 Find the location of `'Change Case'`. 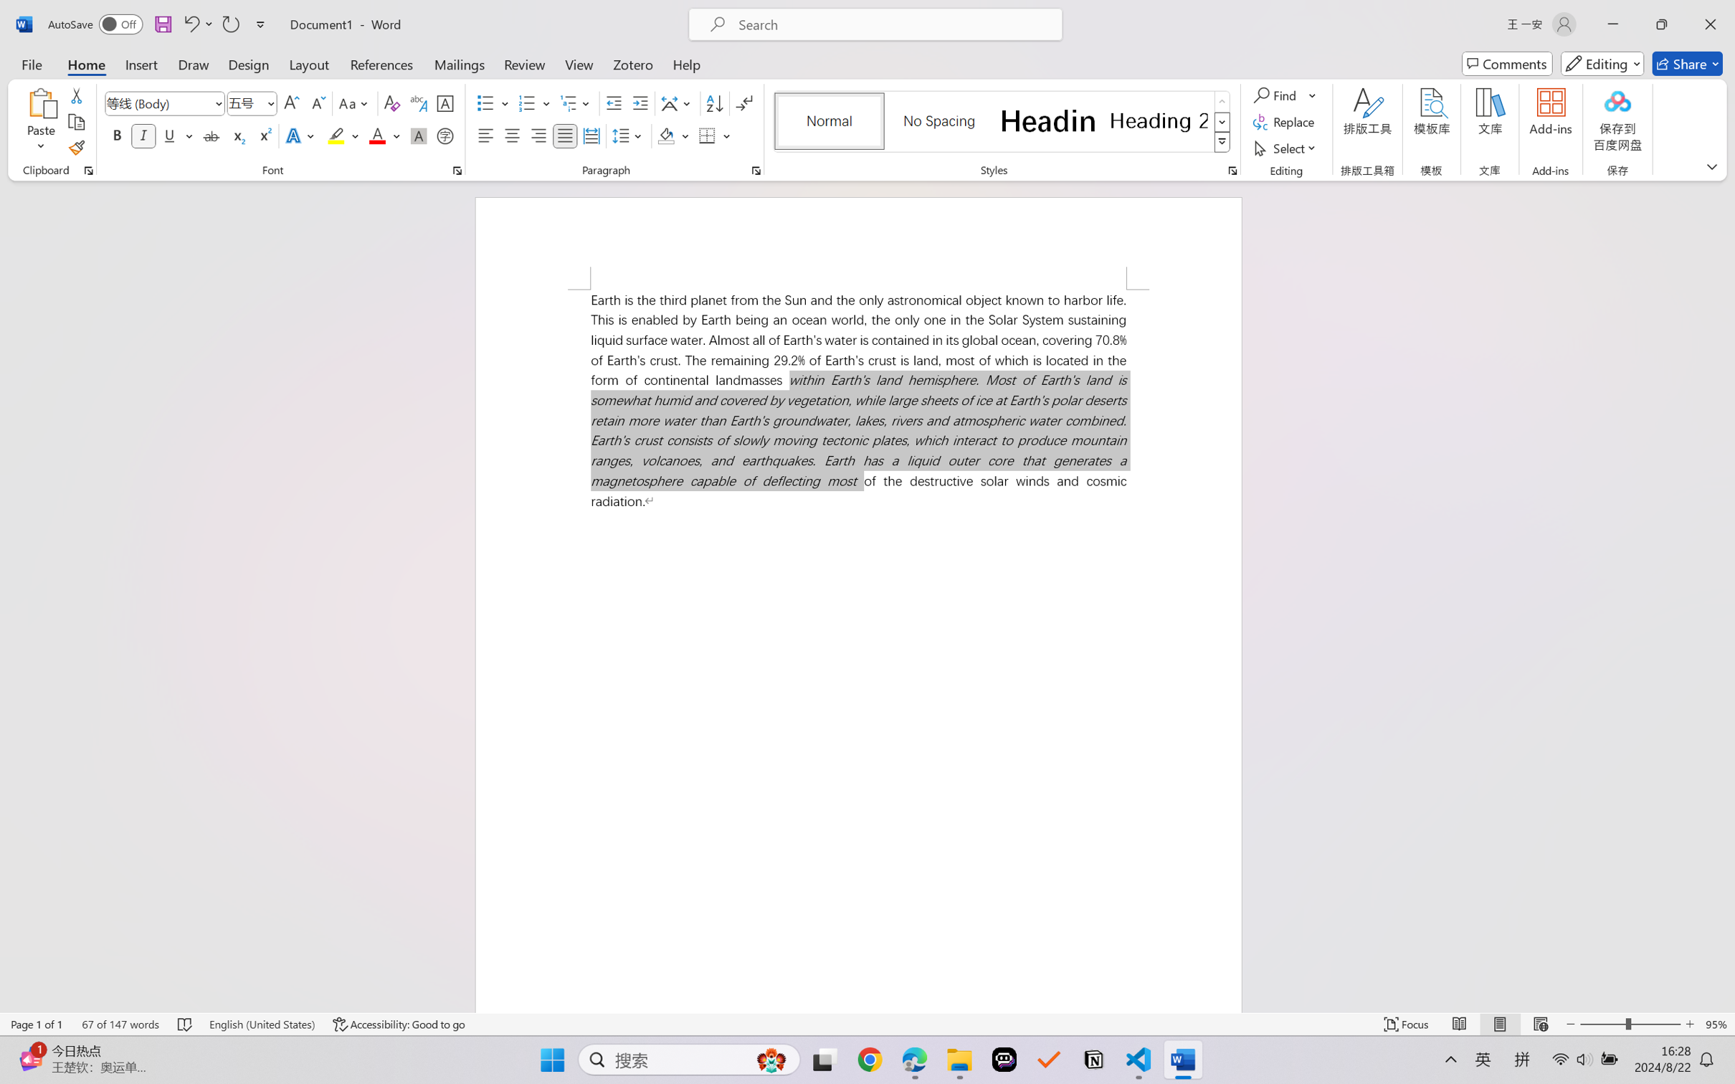

'Change Case' is located at coordinates (353, 103).